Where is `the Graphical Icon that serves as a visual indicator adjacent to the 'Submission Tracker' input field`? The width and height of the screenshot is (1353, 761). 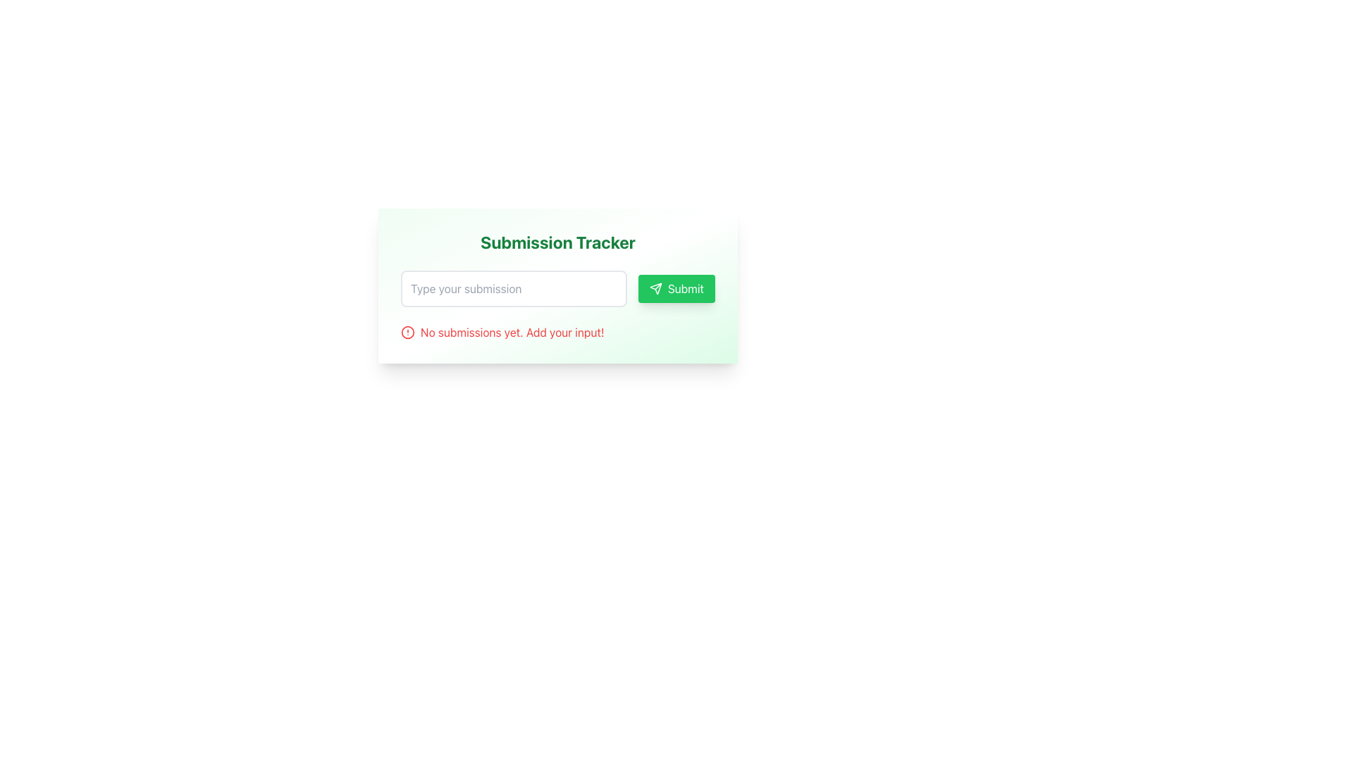 the Graphical Icon that serves as a visual indicator adjacent to the 'Submission Tracker' input field is located at coordinates (407, 332).